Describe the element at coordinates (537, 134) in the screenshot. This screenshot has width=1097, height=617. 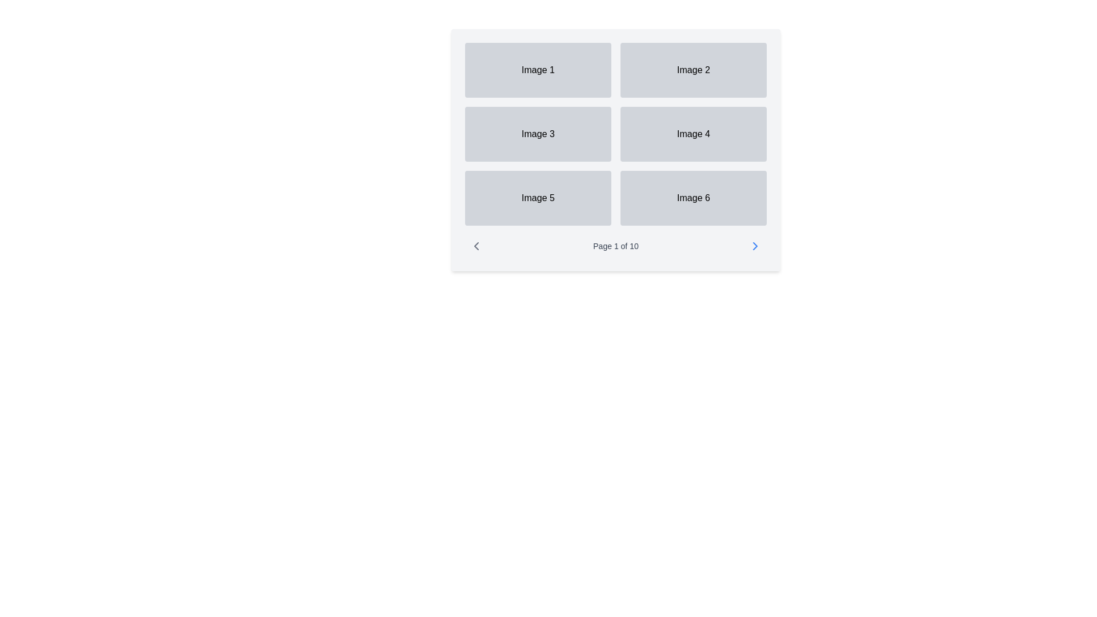
I see `the static label indicating 'Image 3', which is positioned in the second row, first column of a 2-column grid layout` at that location.